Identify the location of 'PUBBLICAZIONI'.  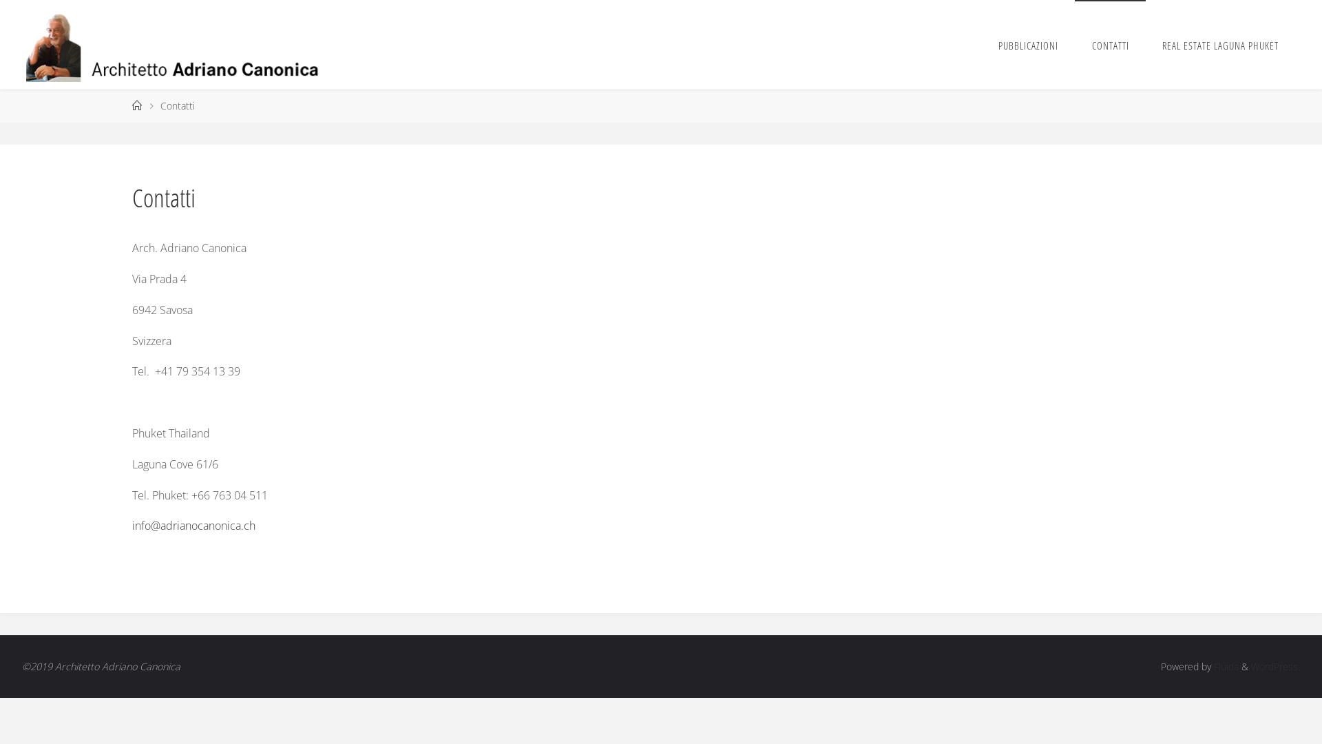
(1028, 44).